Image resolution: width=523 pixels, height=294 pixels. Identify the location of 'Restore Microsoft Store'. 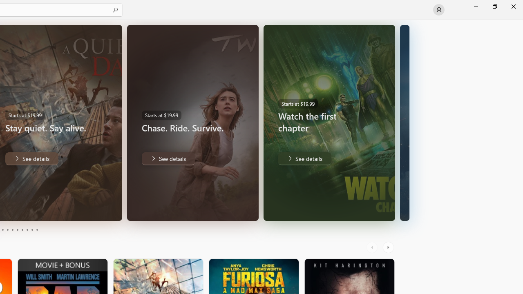
(494, 6).